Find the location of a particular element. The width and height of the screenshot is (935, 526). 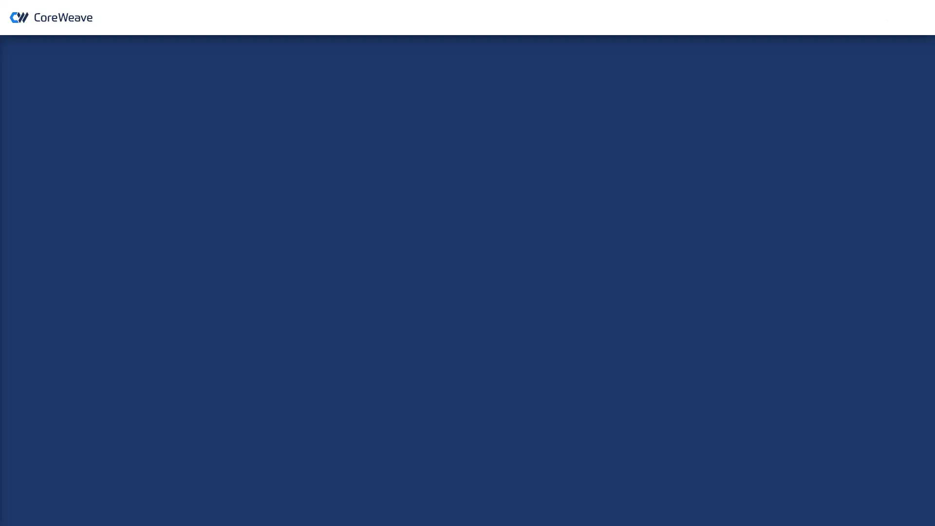

SIGN IN WITH GITHUB is located at coordinates (467, 311).